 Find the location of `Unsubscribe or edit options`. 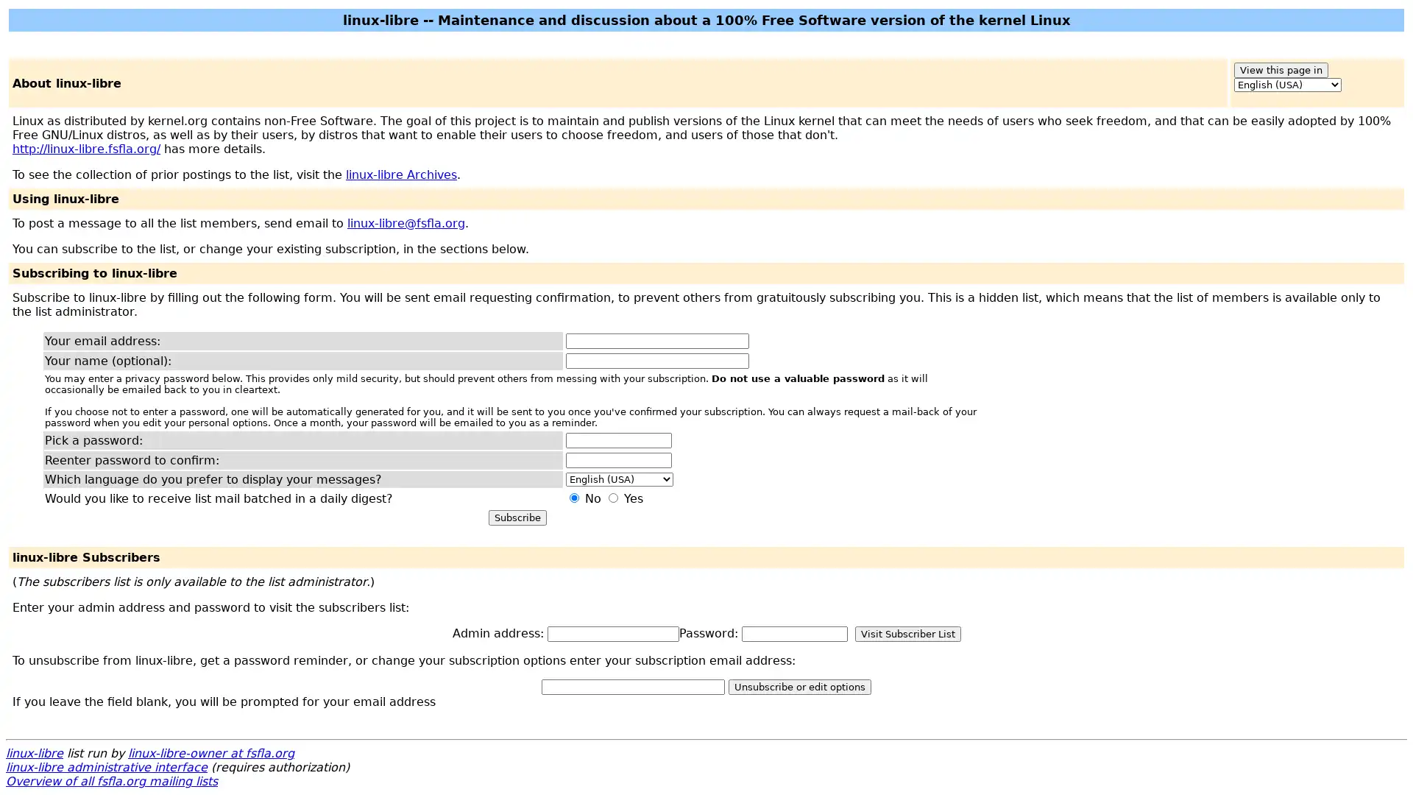

Unsubscribe or edit options is located at coordinates (798, 687).